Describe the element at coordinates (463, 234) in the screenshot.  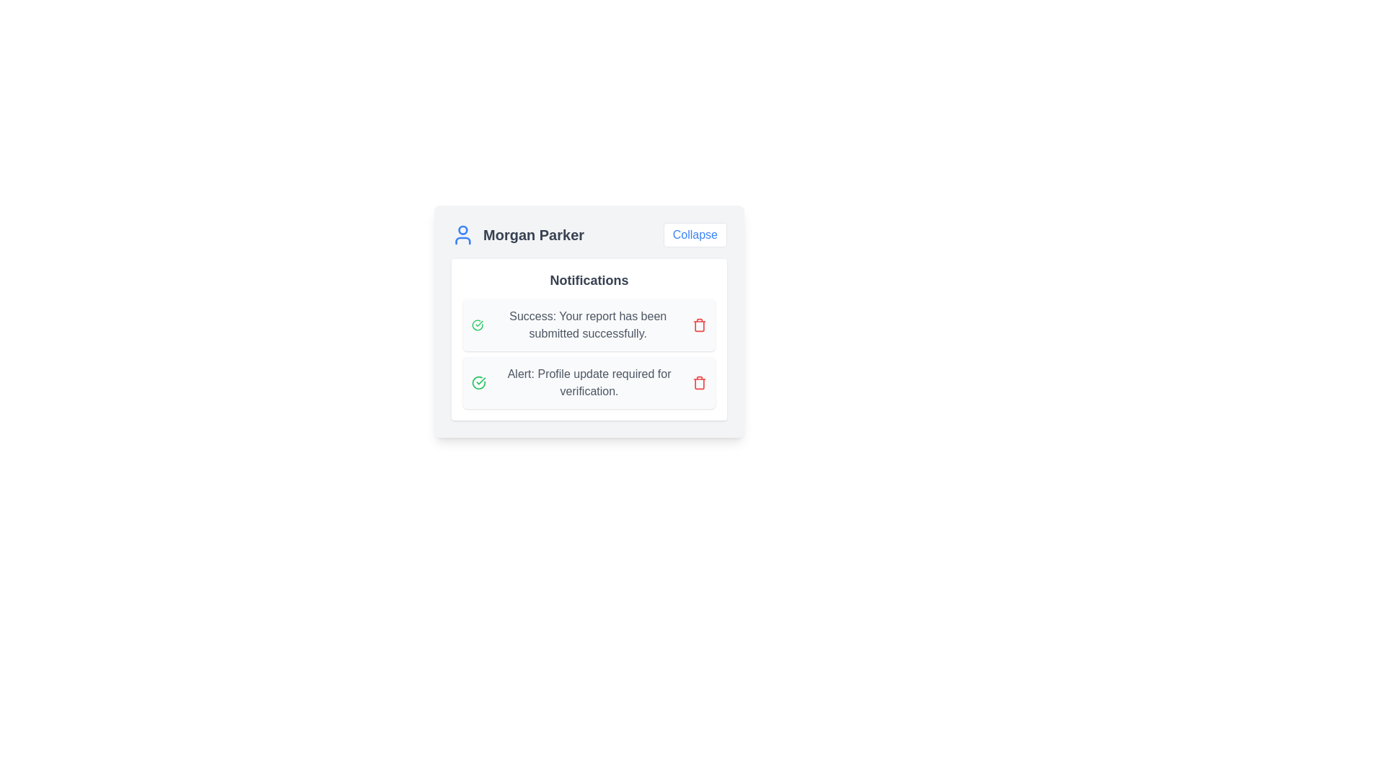
I see `the user profile icon located to the left of the text 'Morgan Parker' in the notification panel` at that location.